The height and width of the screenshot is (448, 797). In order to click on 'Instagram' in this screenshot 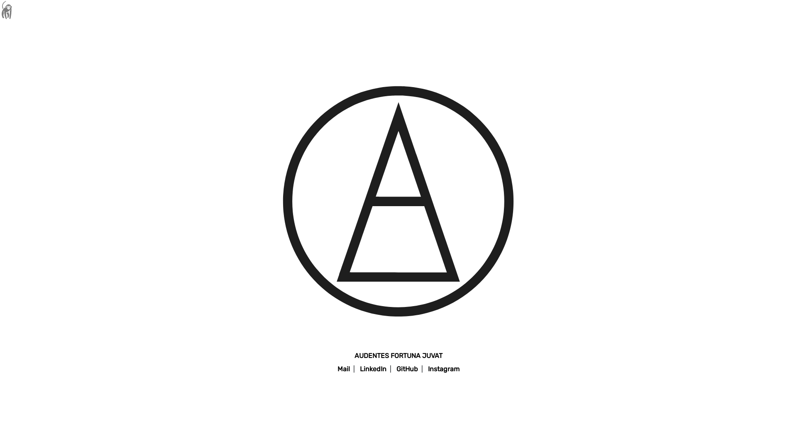, I will do `click(424, 368)`.